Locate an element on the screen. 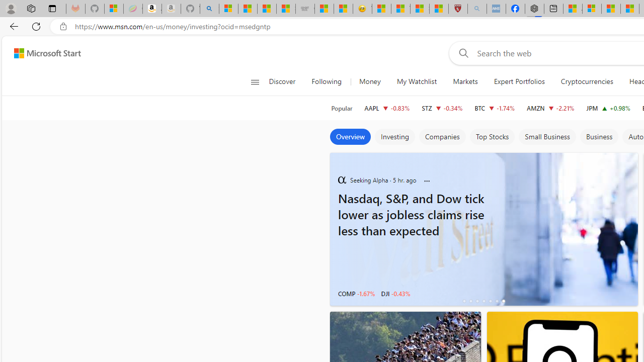  'DJI -0.43%' is located at coordinates (395, 293).